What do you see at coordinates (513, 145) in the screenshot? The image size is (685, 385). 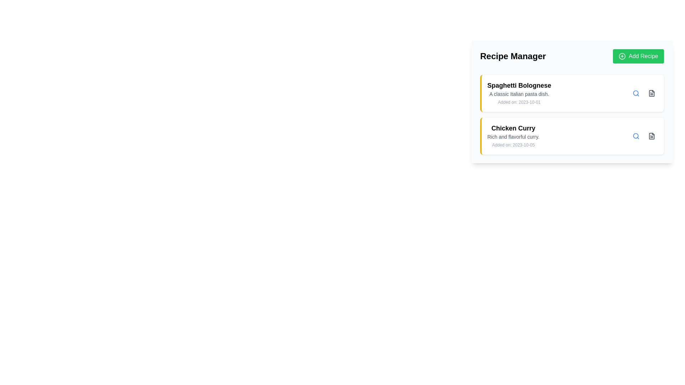 I see `the text label displaying 'Added on: 2023-10-05', which is styled in a small font size and light gray color, positioned below the main title 'Chicken Curry' and description 'Rich and flavorful curry.' in the recipe card` at bounding box center [513, 145].